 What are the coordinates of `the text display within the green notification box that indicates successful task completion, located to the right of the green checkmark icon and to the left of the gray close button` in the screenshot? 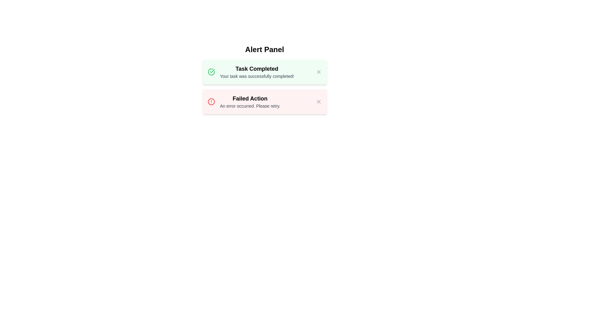 It's located at (257, 71).